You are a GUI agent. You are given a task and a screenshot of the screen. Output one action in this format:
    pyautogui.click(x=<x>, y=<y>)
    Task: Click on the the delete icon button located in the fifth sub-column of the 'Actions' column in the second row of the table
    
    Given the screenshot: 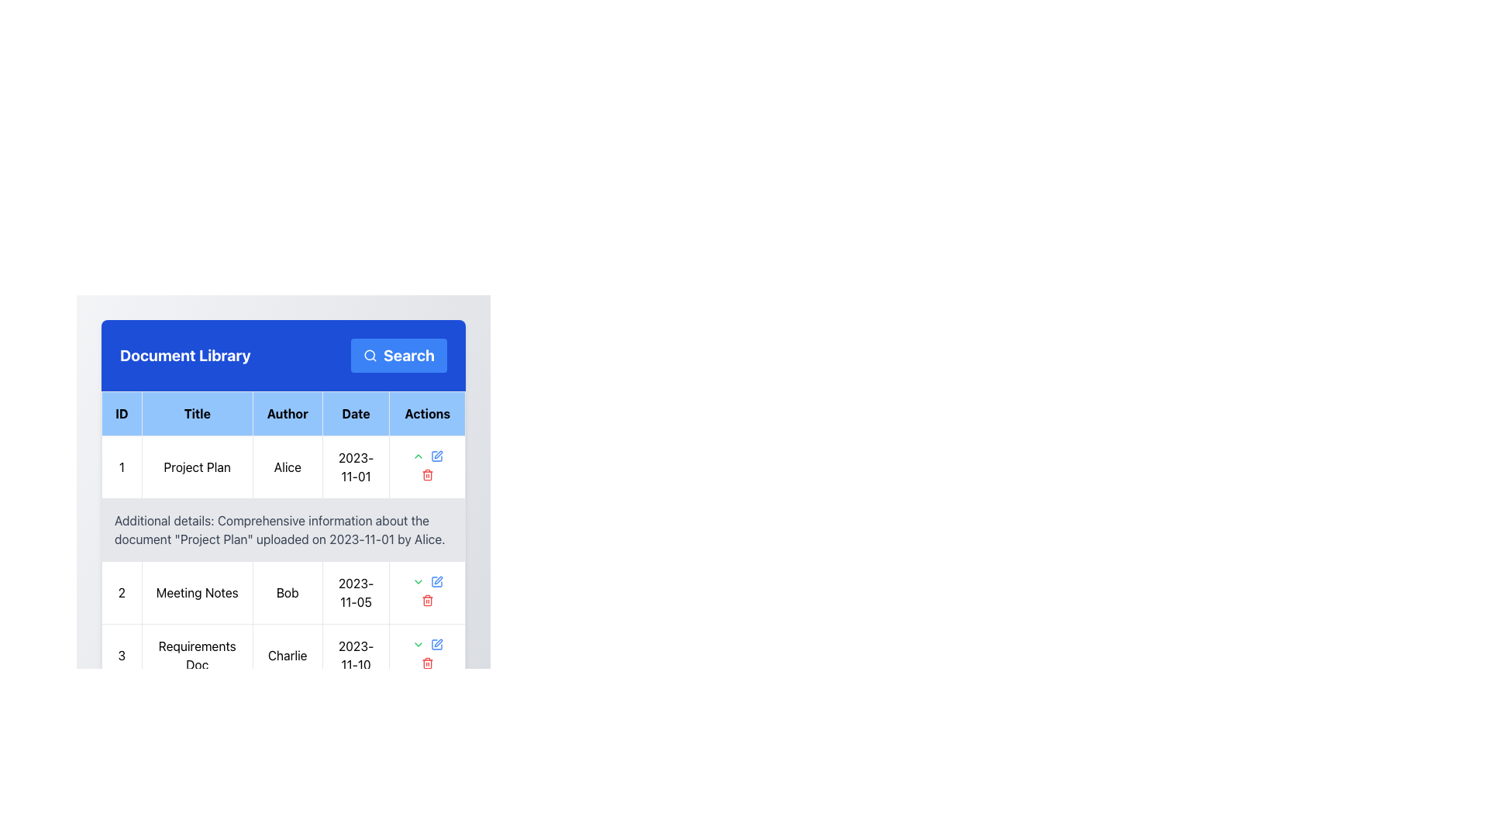 What is the action you would take?
    pyautogui.click(x=427, y=592)
    